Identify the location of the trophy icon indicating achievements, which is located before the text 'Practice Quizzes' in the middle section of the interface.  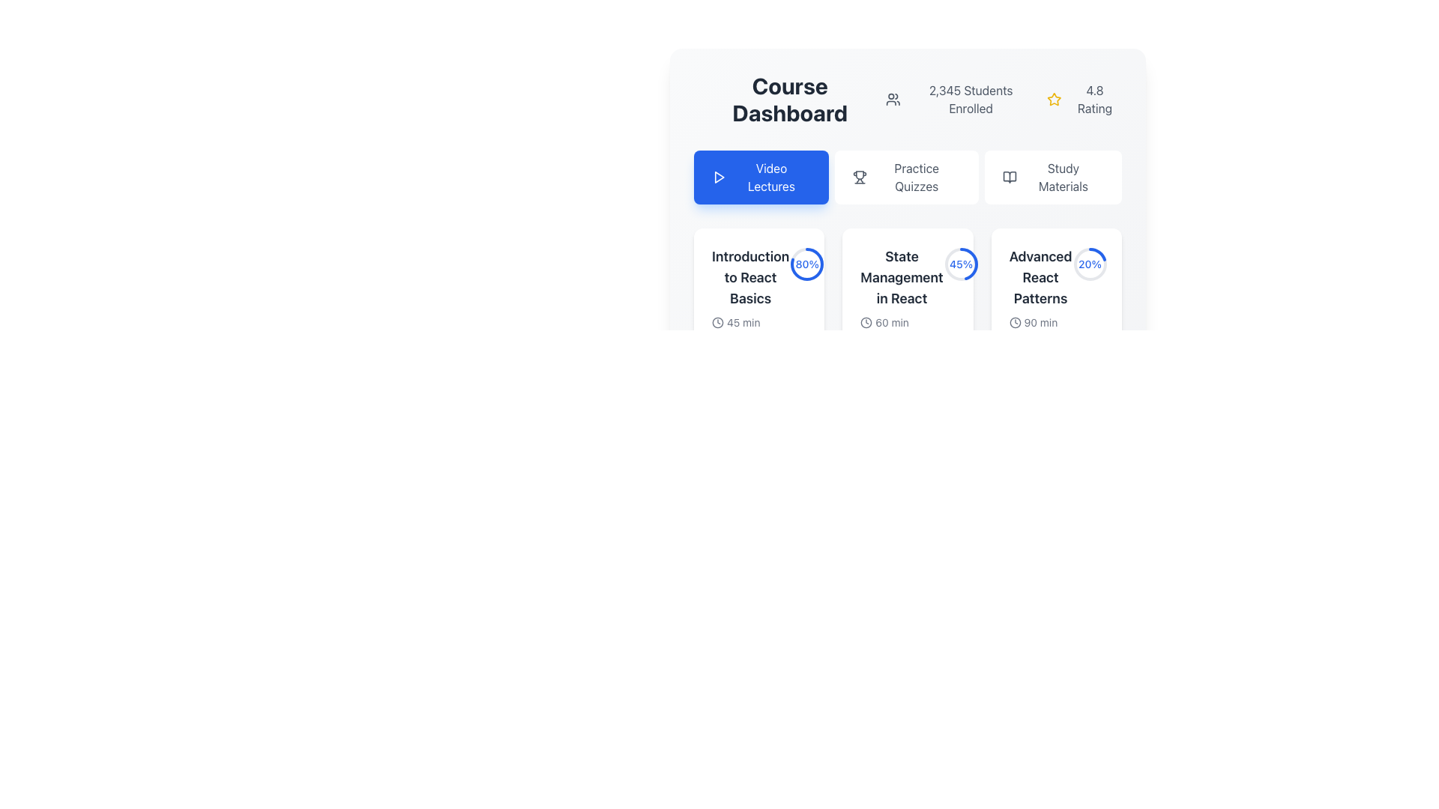
(860, 176).